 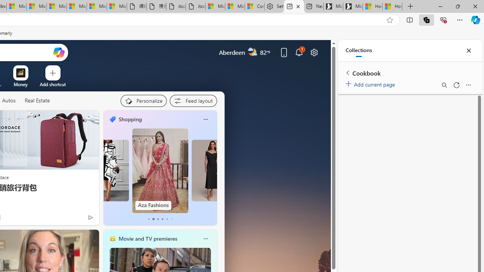 I want to click on 'tab-4', so click(x=166, y=219).